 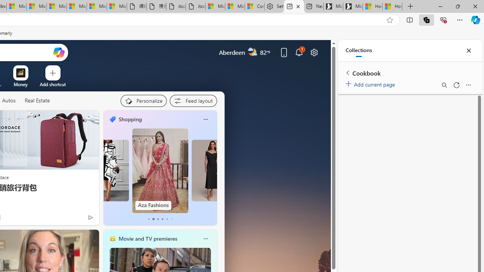 I want to click on 'tab-4', so click(x=166, y=219).